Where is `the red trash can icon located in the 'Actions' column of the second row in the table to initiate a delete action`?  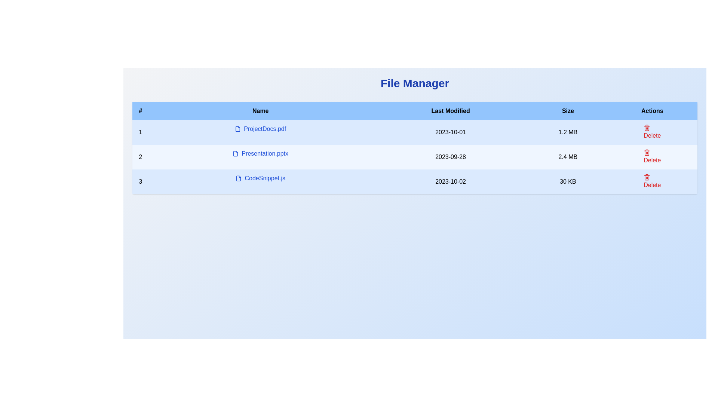 the red trash can icon located in the 'Actions' column of the second row in the table to initiate a delete action is located at coordinates (647, 152).